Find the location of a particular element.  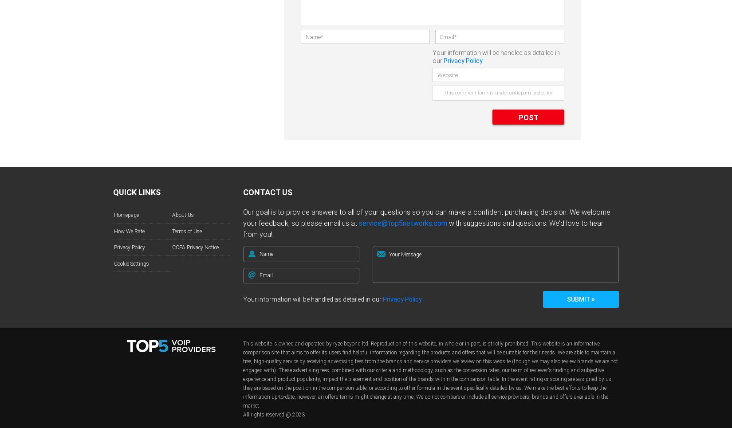

'Our goal is to provide answers to all of your questions so you can make a confident purchasing
                        decision. We welcome your feedback, so please email us at' is located at coordinates (242, 217).